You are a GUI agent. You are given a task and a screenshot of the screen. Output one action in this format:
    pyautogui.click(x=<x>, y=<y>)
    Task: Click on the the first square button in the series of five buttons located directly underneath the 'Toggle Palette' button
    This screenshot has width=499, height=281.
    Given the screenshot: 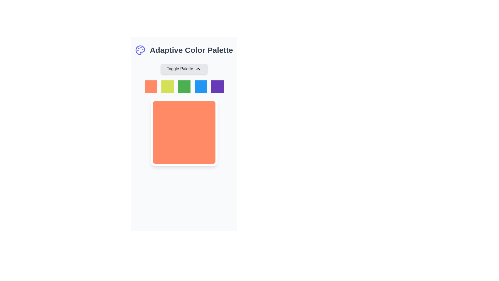 What is the action you would take?
    pyautogui.click(x=150, y=86)
    